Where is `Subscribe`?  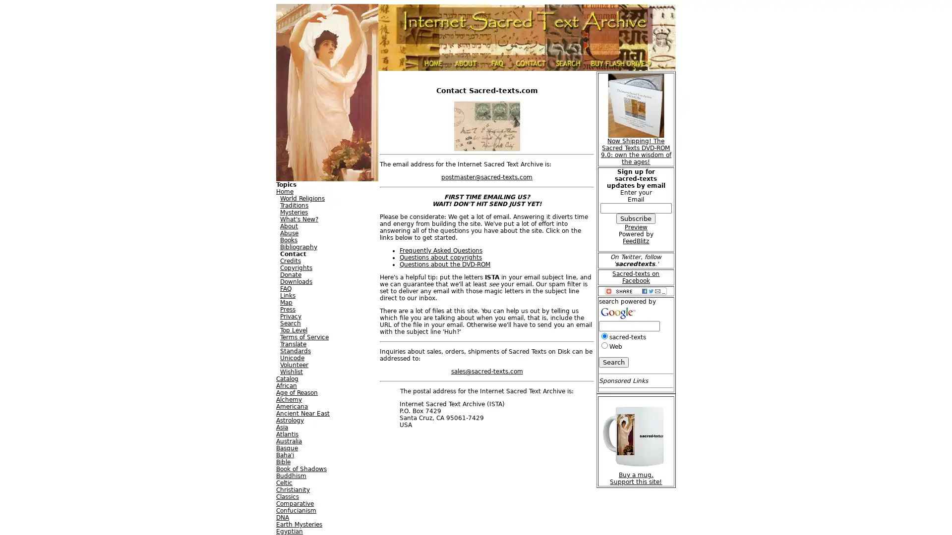 Subscribe is located at coordinates (636, 217).